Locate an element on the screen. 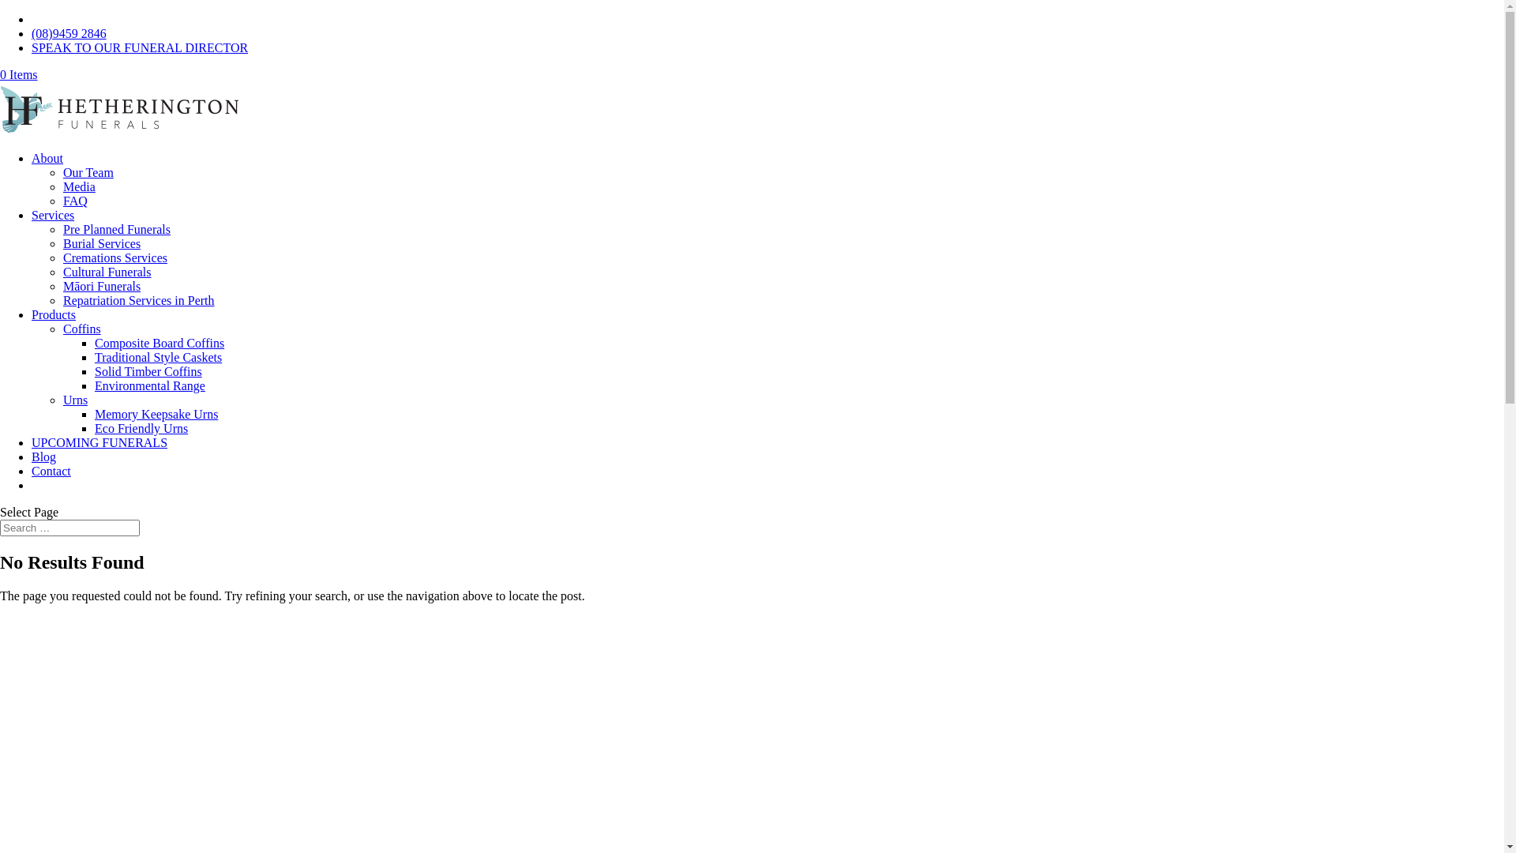 This screenshot has height=853, width=1516. 'Environmental Range' is located at coordinates (150, 385).